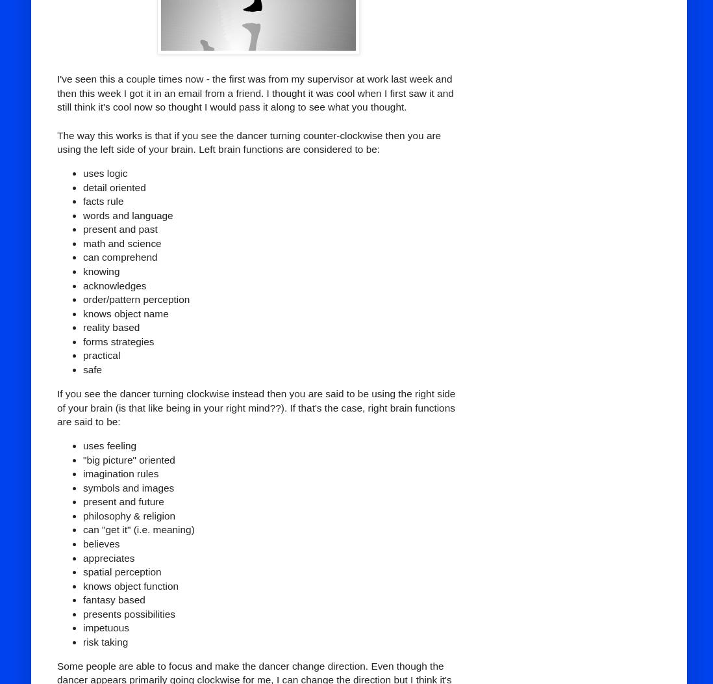 The image size is (713, 684). Describe the element at coordinates (83, 585) in the screenshot. I see `'knows object function'` at that location.